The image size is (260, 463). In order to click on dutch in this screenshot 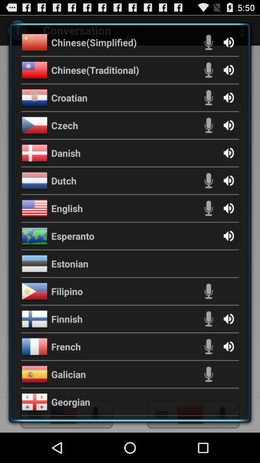, I will do `click(64, 180)`.